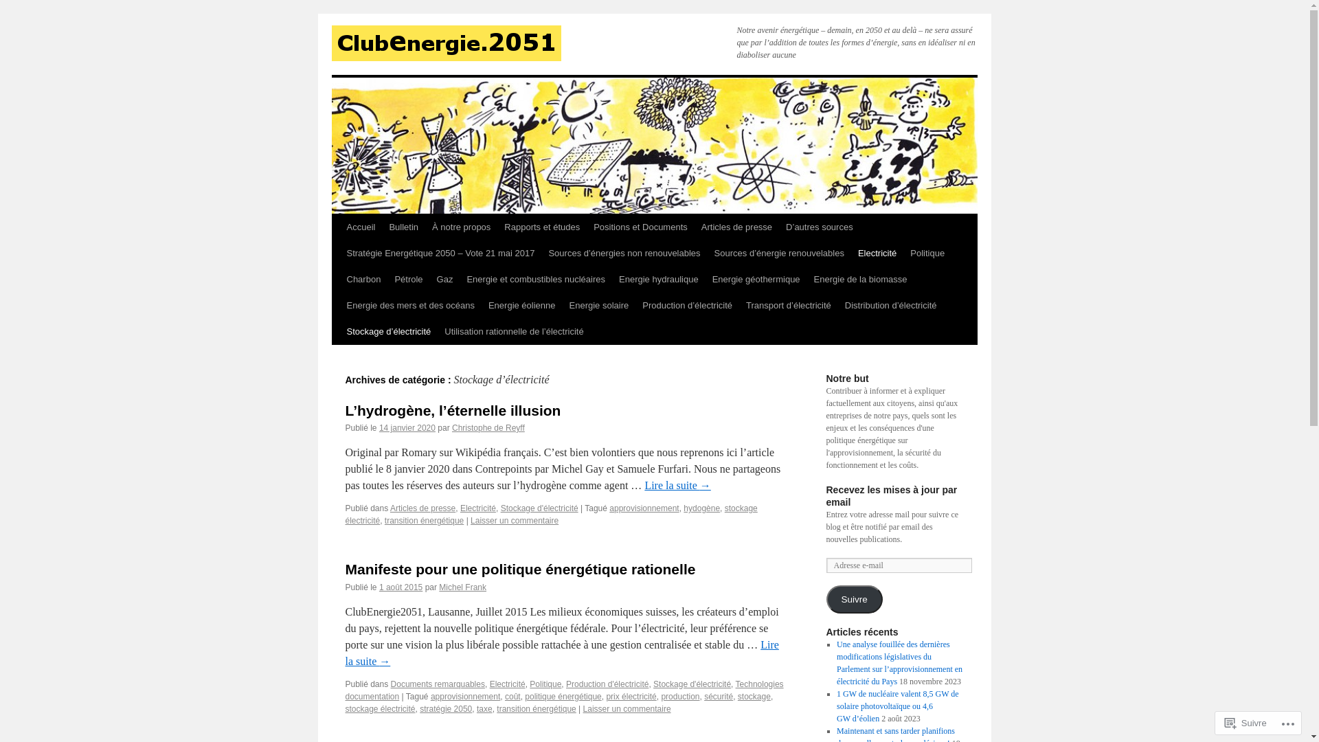  What do you see at coordinates (465, 697) in the screenshot?
I see `'approvisionnement'` at bounding box center [465, 697].